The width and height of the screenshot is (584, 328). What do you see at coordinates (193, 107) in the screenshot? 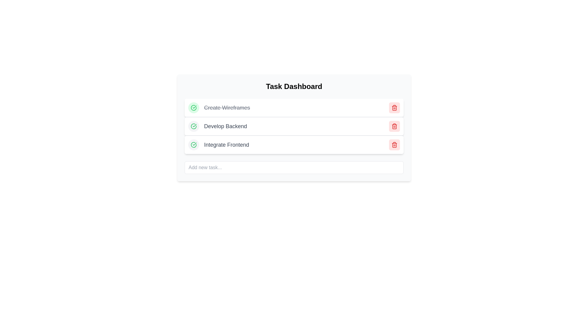
I see `the leftmost icon representing the completion status of the 'Create Wireframes' task` at bounding box center [193, 107].